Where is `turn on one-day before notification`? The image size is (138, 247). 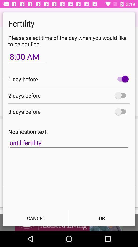
turn on one-day before notification is located at coordinates (121, 79).